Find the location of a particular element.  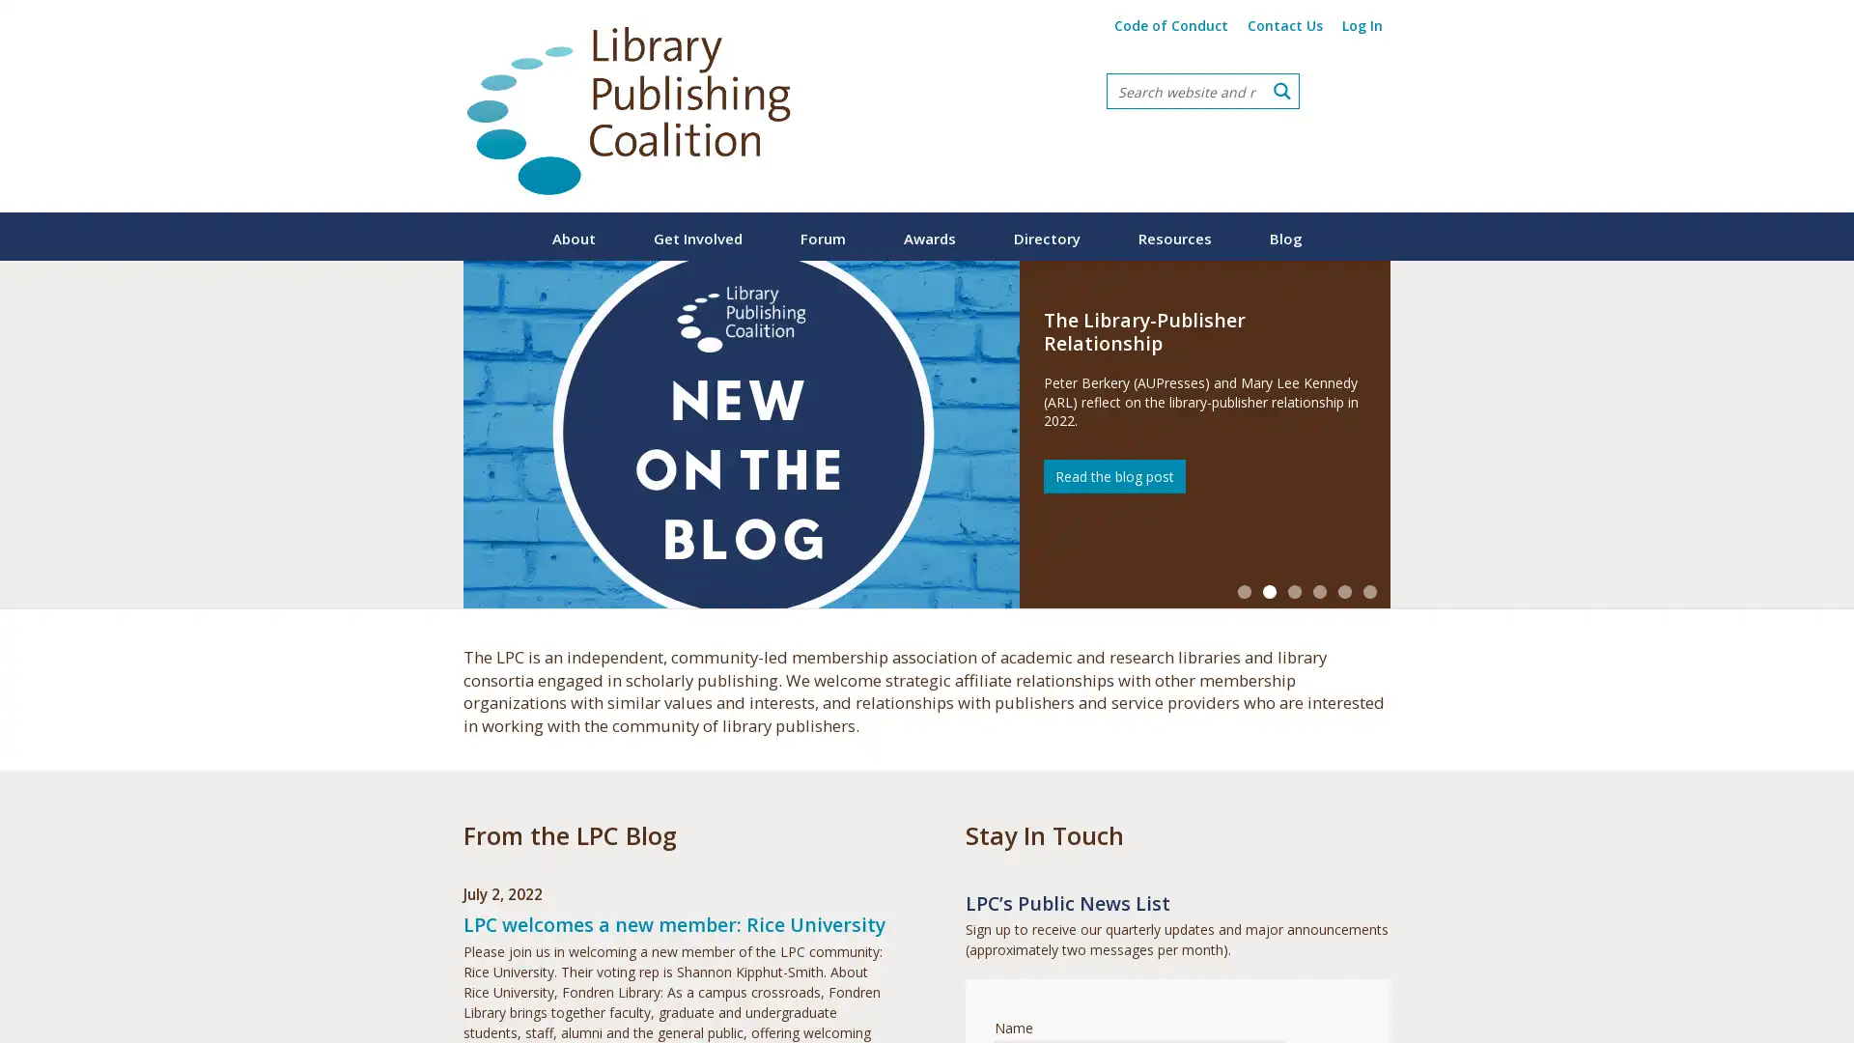

Go to slide 6 is located at coordinates (1369, 591).